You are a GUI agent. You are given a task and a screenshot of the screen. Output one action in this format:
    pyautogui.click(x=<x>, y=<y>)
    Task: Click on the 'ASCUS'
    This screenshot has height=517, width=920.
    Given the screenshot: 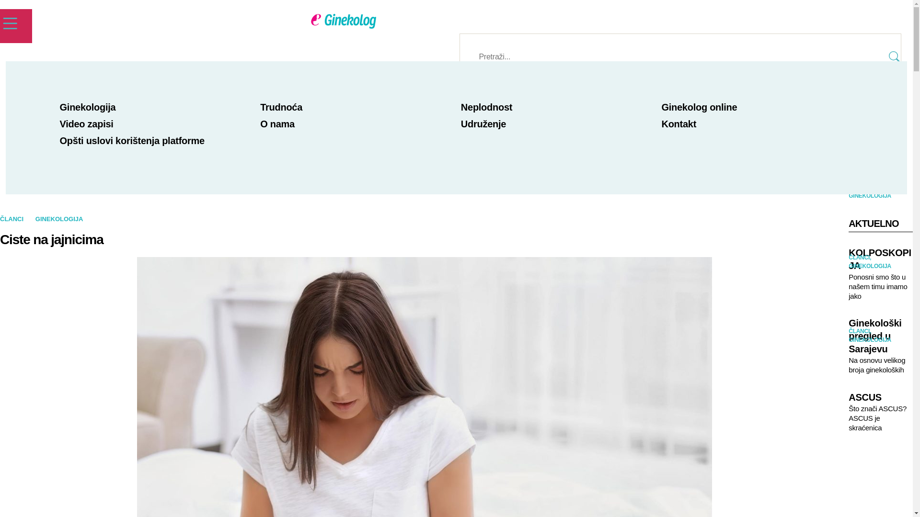 What is the action you would take?
    pyautogui.click(x=881, y=397)
    